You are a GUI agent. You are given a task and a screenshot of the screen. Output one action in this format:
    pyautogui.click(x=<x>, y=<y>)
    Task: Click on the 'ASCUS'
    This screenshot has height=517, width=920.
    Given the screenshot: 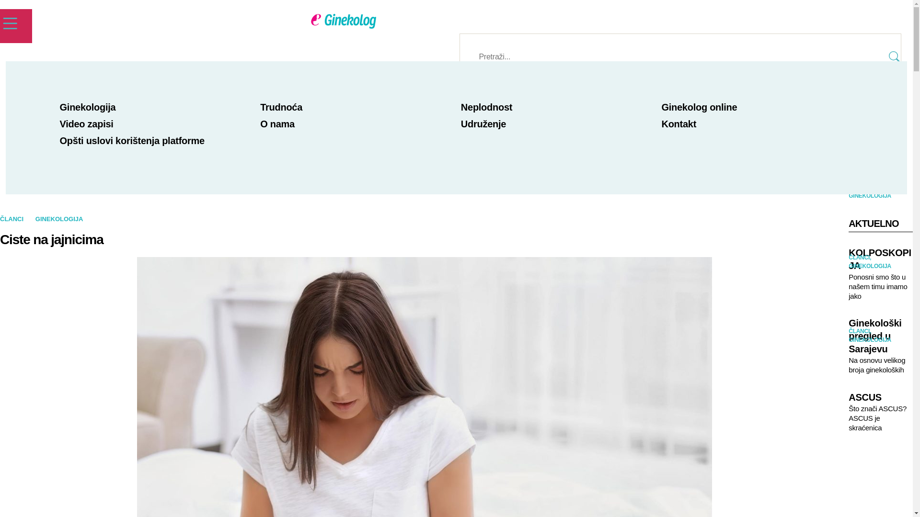 What is the action you would take?
    pyautogui.click(x=881, y=397)
    